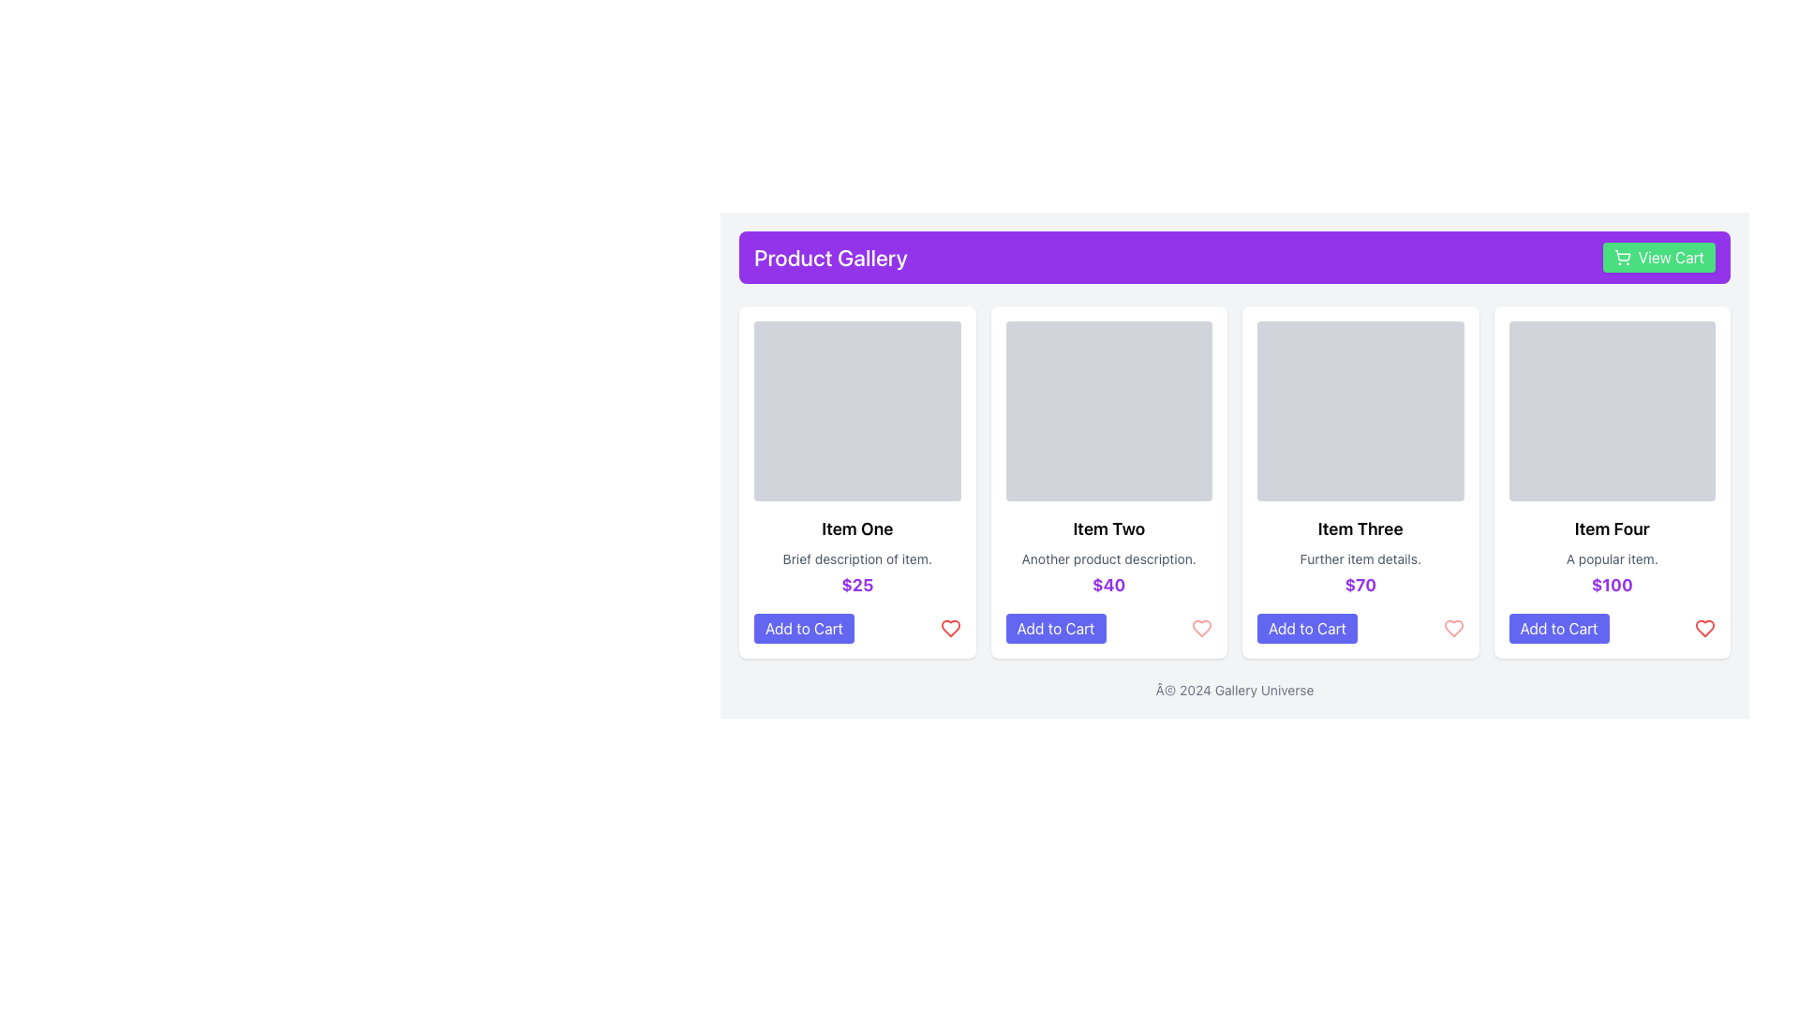 This screenshot has height=1012, width=1799. Describe the element at coordinates (856, 528) in the screenshot. I see `text label 'Item One' displayed in bold, black font, positioned directly above the item's description and below the image placeholder within the card for 'Item One'` at that location.